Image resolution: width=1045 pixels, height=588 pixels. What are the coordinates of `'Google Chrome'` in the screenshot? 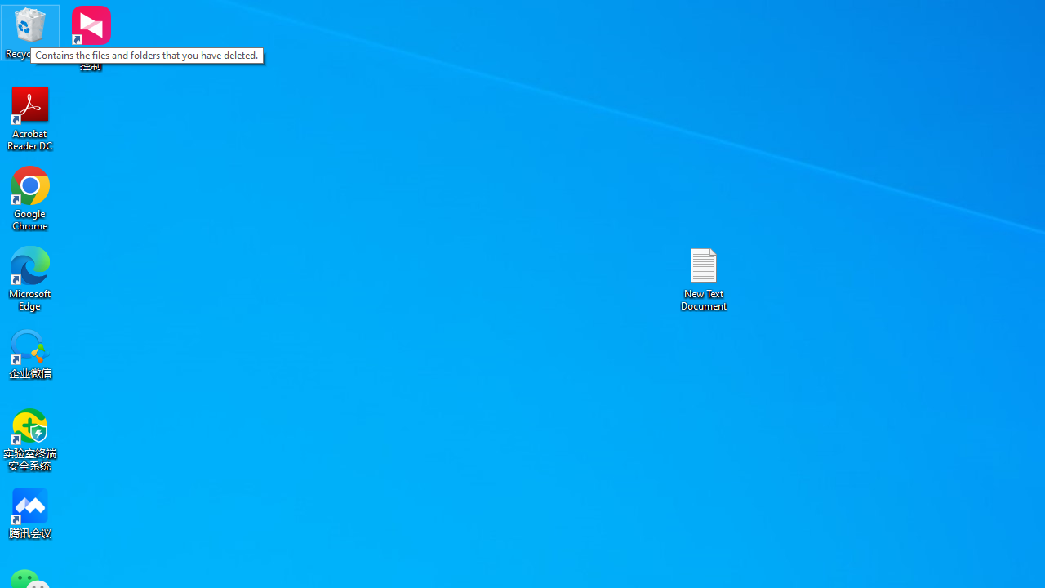 It's located at (30, 198).